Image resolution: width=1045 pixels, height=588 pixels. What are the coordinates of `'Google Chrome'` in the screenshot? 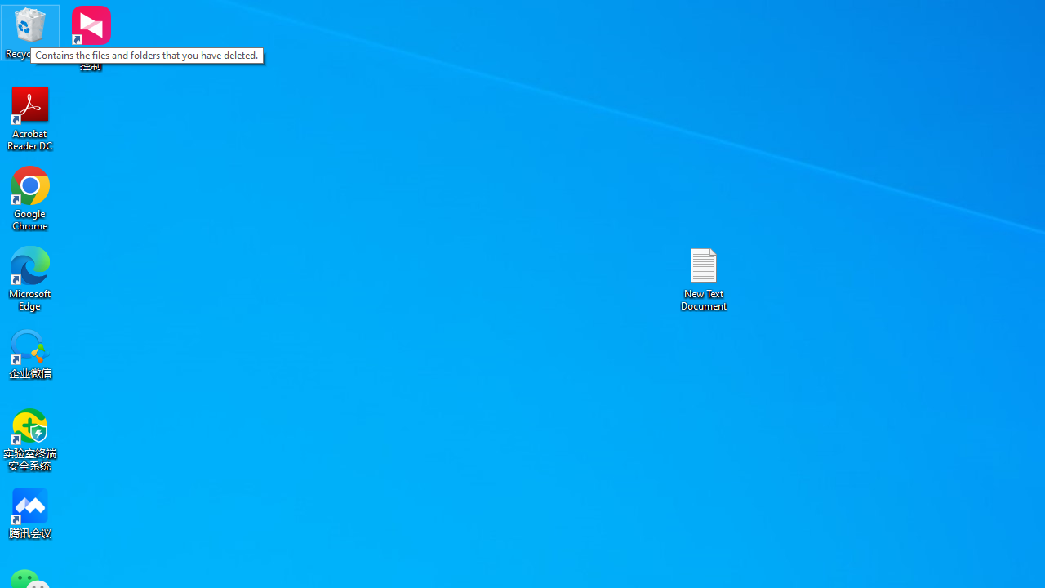 It's located at (30, 198).